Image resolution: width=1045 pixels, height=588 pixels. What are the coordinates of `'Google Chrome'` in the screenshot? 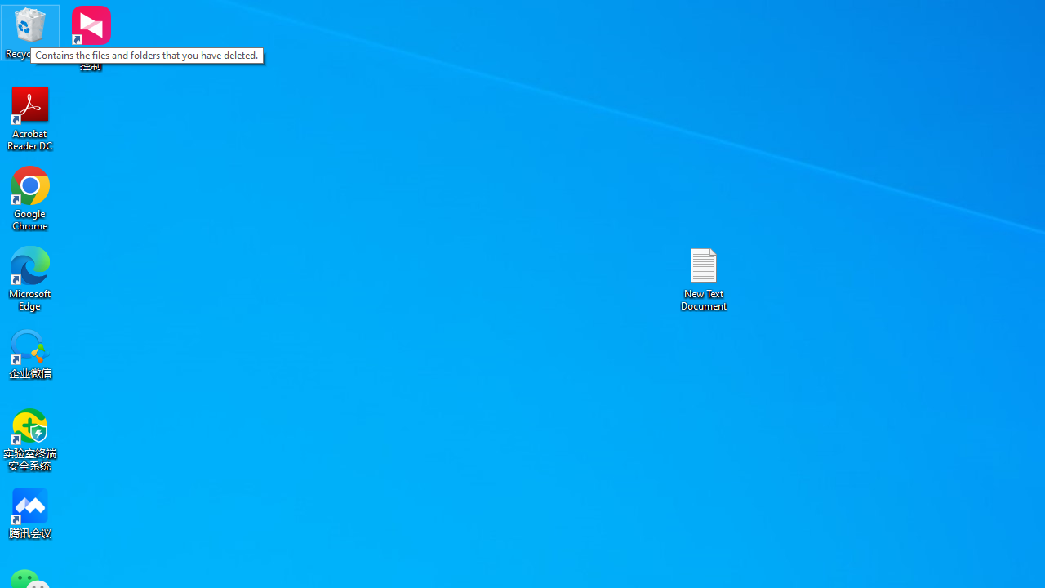 It's located at (30, 198).